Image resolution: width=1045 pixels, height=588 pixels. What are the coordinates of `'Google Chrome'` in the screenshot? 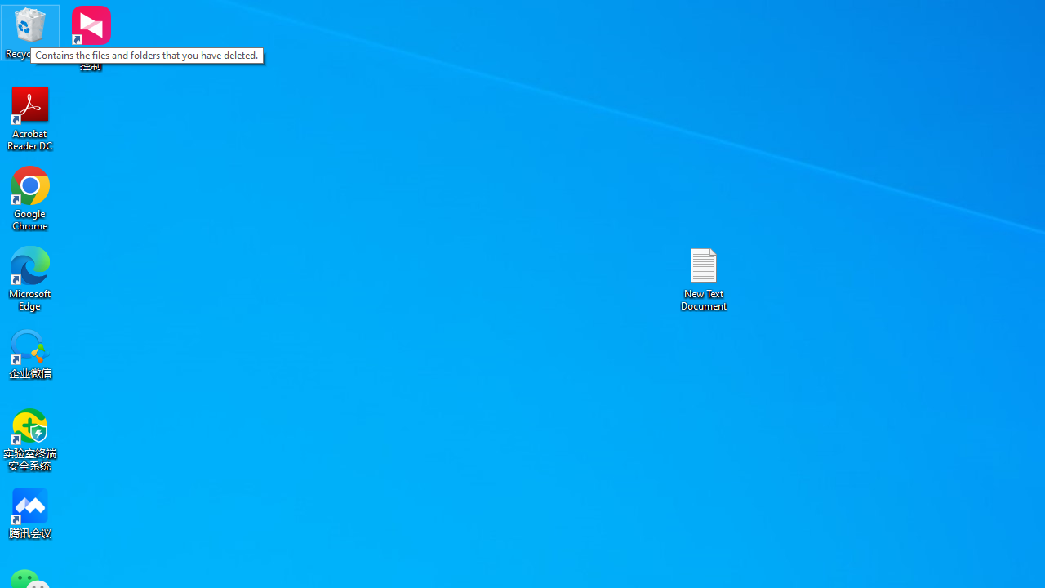 It's located at (30, 198).